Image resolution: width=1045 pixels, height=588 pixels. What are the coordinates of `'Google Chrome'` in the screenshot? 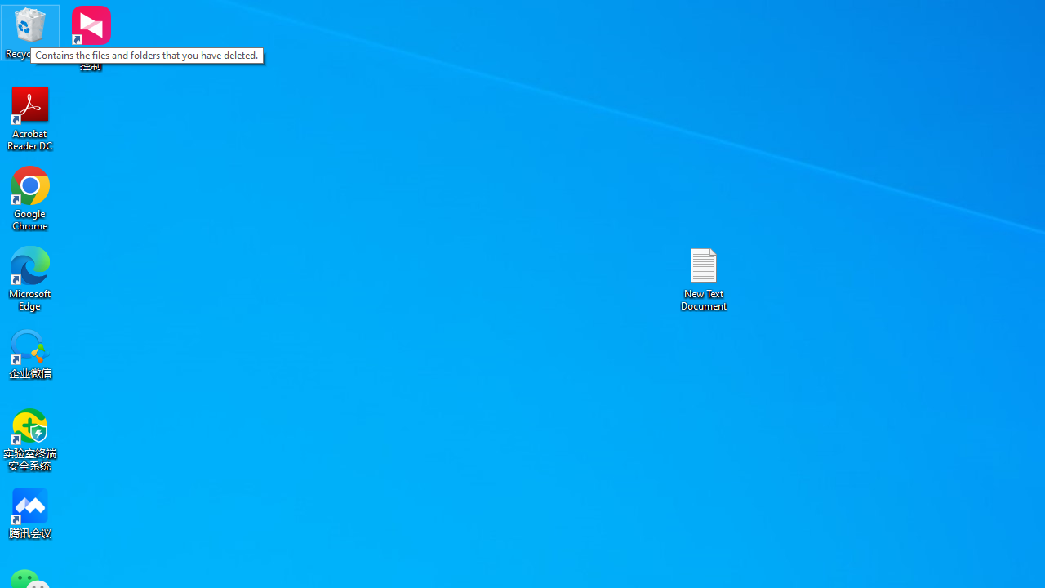 It's located at (30, 198).